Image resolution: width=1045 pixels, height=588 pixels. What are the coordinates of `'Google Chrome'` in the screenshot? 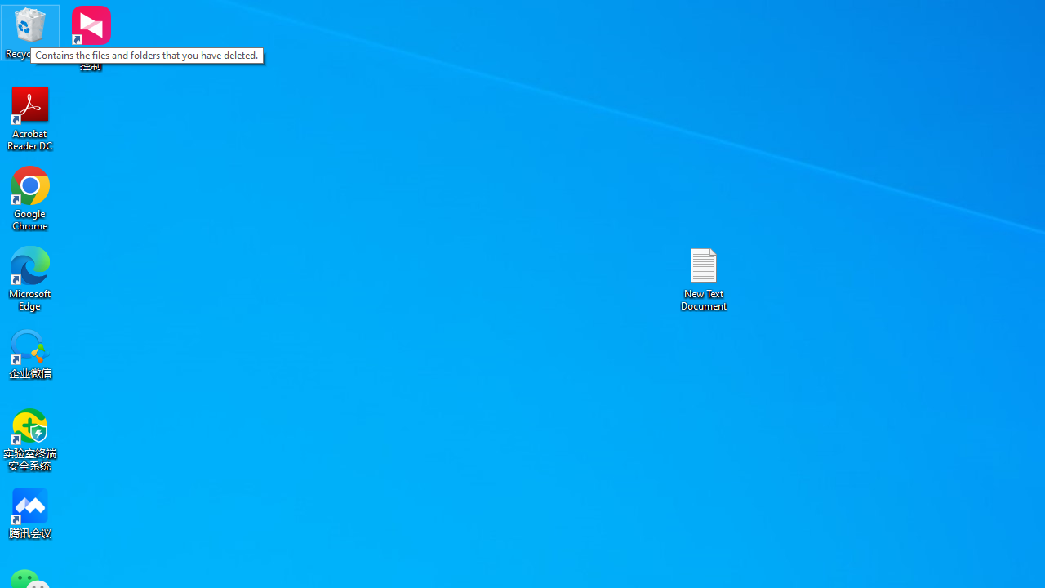 It's located at (30, 198).